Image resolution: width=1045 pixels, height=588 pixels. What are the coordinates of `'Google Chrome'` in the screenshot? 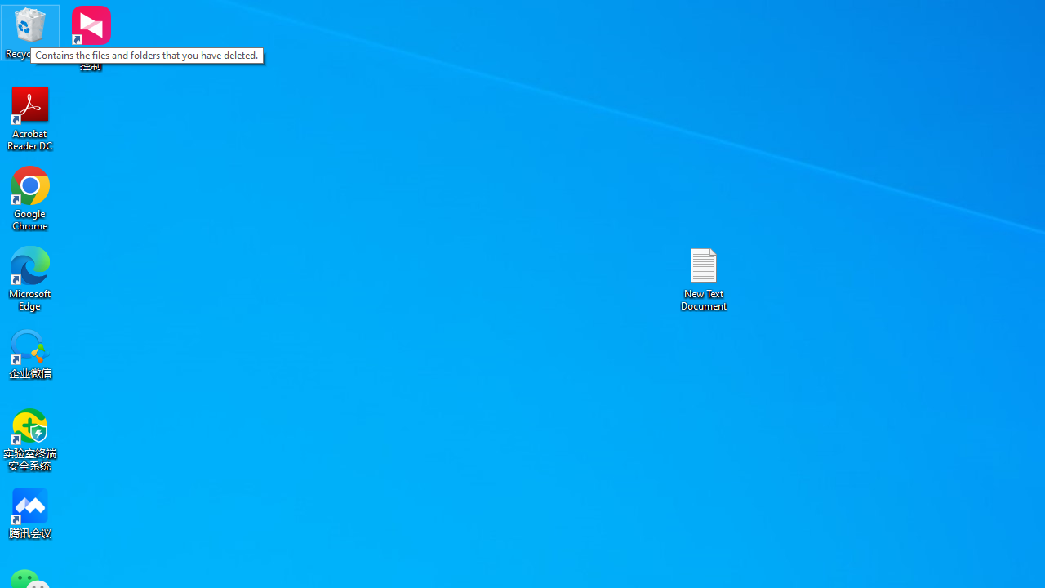 It's located at (30, 198).